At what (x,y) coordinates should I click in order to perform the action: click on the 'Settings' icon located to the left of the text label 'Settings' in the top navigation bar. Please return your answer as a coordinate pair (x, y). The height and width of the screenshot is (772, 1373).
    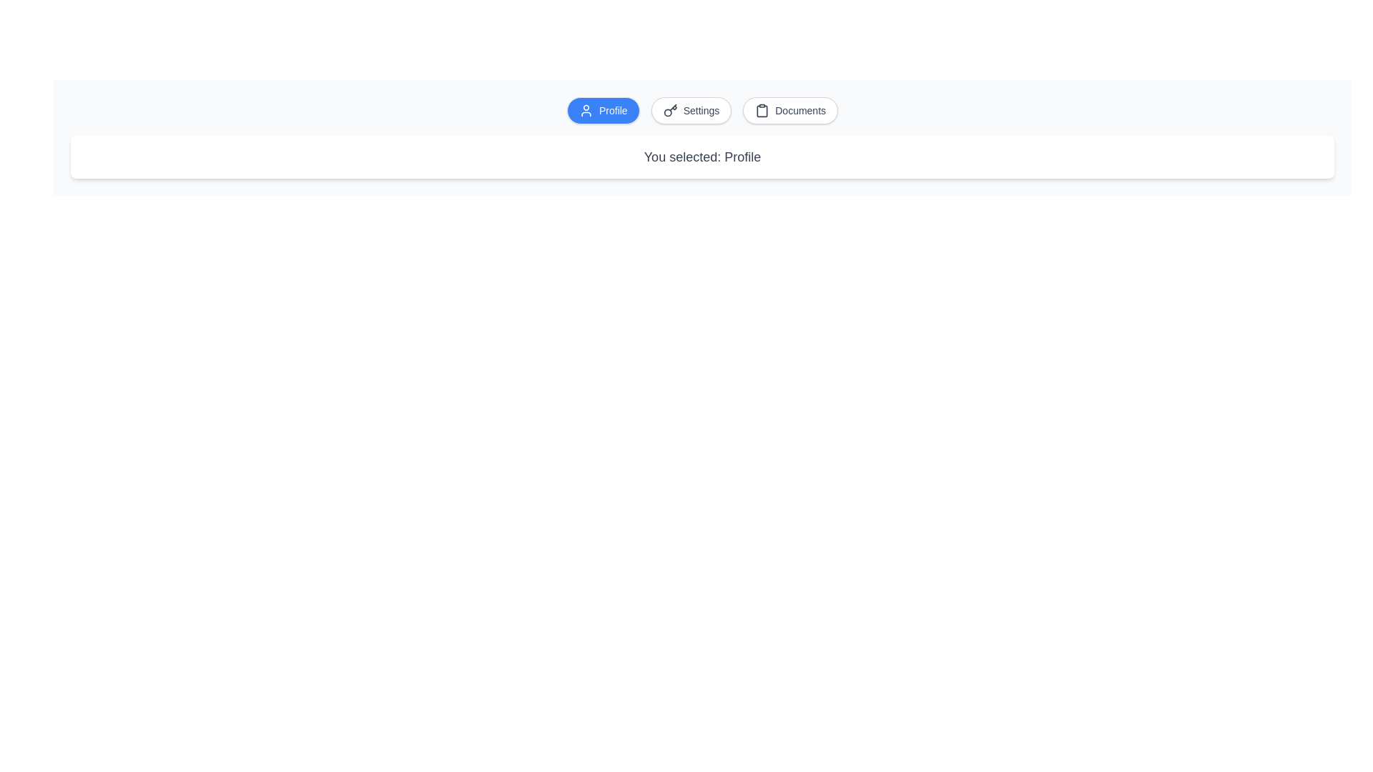
    Looking at the image, I should click on (669, 109).